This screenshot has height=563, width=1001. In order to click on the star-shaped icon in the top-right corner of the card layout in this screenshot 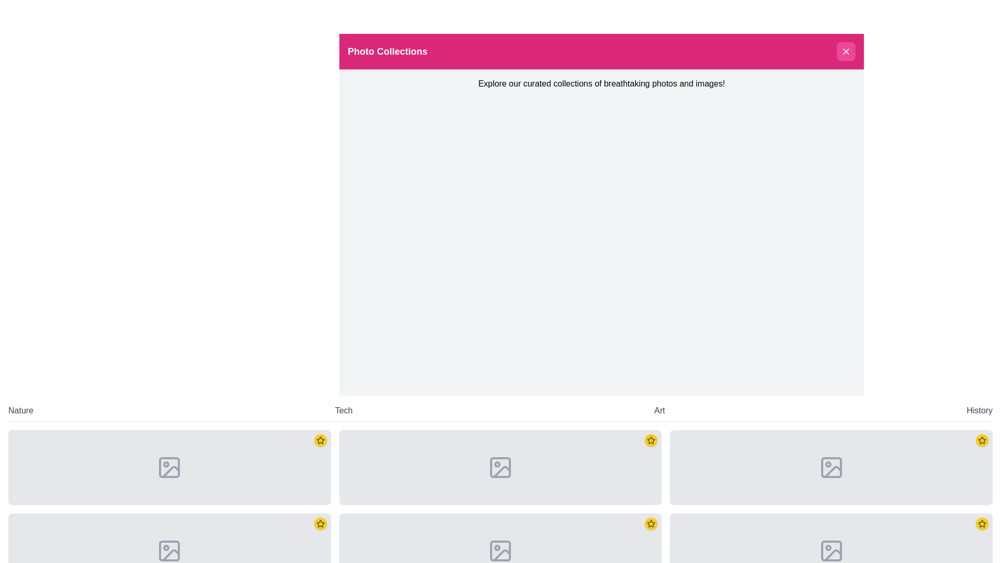, I will do `click(981, 440)`.